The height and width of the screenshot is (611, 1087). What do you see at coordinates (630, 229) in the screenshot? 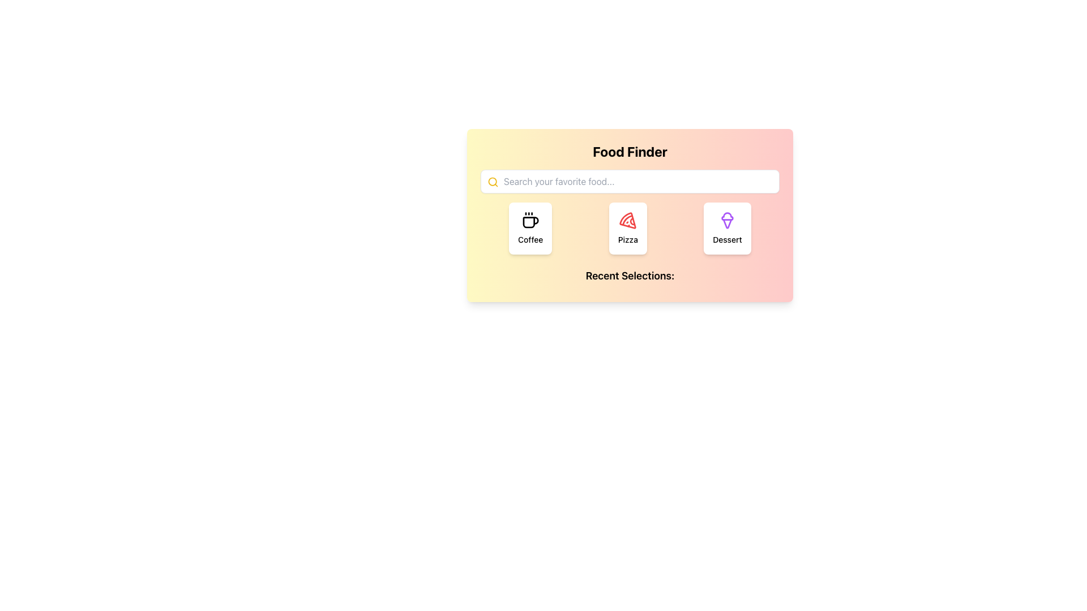
I see `the center of the horizontal menu bar containing icons and text labels for 'Coffee', 'Pizza', and 'Dessert'` at bounding box center [630, 229].